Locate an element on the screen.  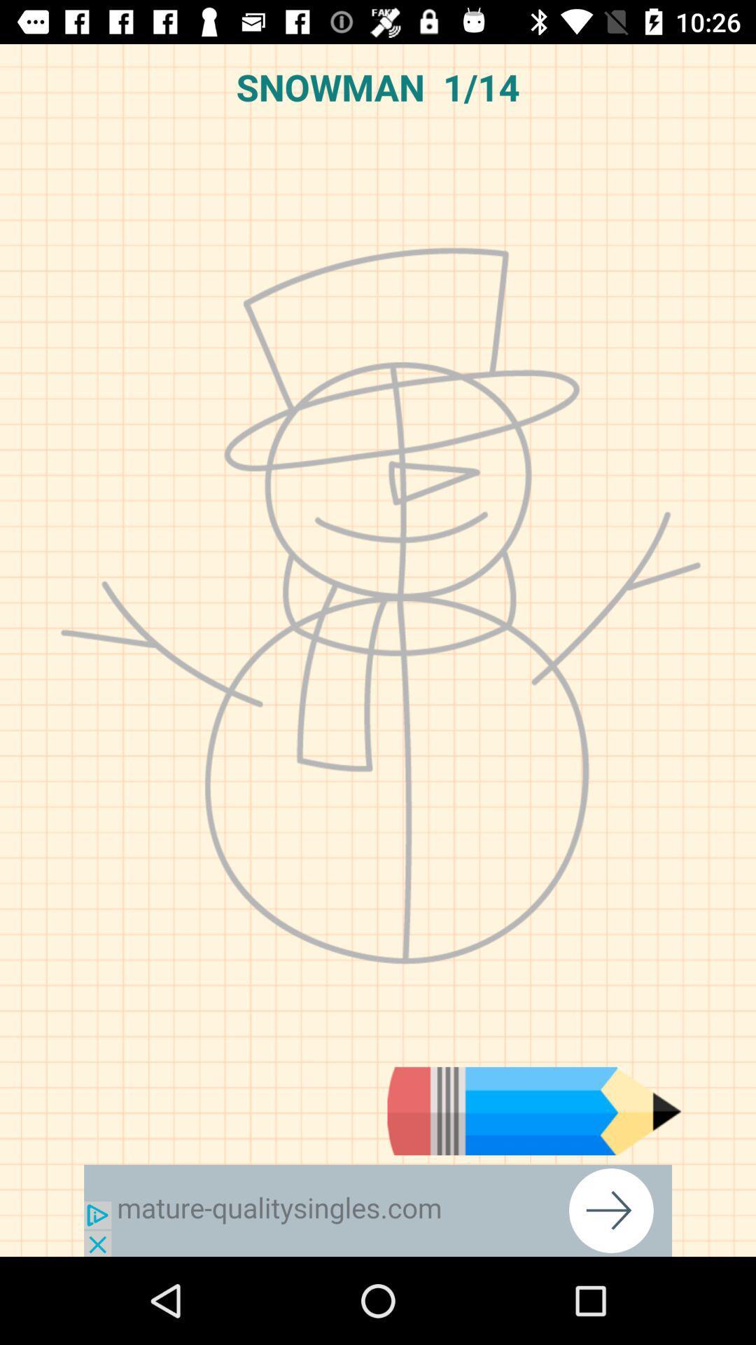
advertisement is located at coordinates (378, 1210).